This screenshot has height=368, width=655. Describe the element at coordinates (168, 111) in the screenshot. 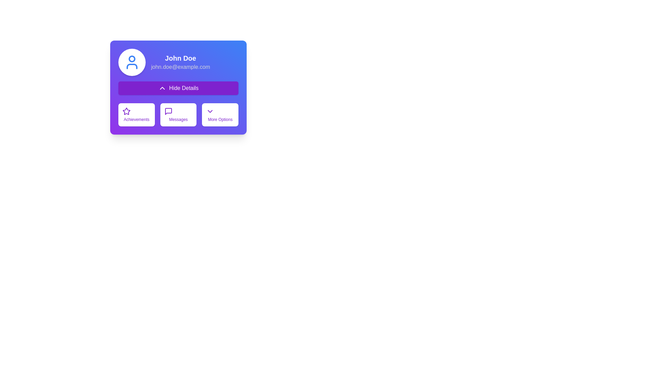

I see `chat bubble icon located centrally within the 'Messages' button, which has a white background with purple accents` at that location.